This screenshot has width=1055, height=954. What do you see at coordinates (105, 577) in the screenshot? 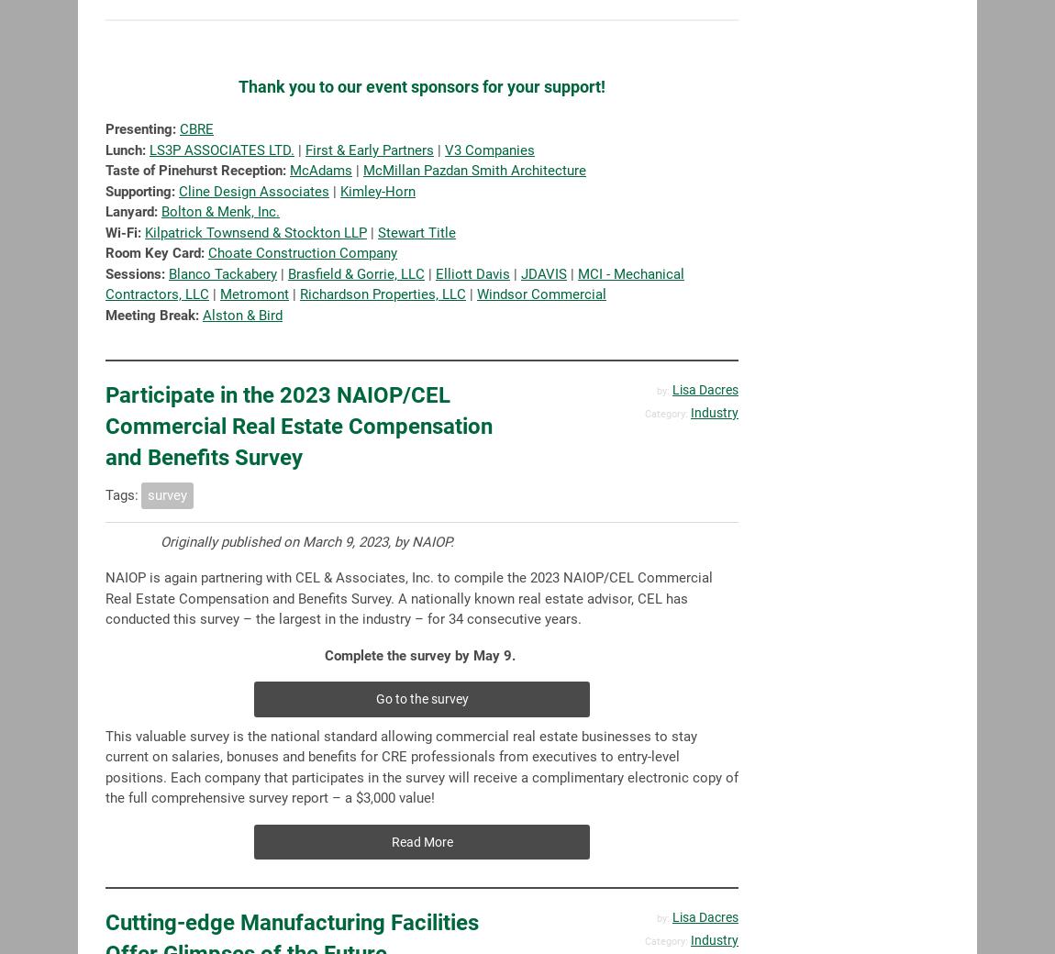
I see `'NAIOP is again partnering with CEL & Associates, Inc. to compile the'` at bounding box center [105, 577].